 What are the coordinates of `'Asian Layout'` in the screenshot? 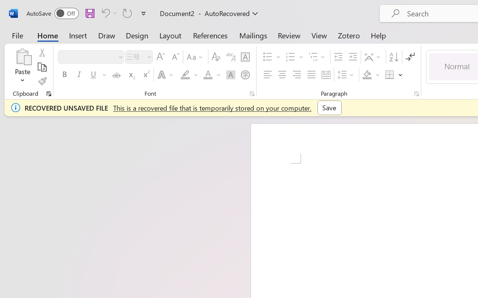 It's located at (373, 57).